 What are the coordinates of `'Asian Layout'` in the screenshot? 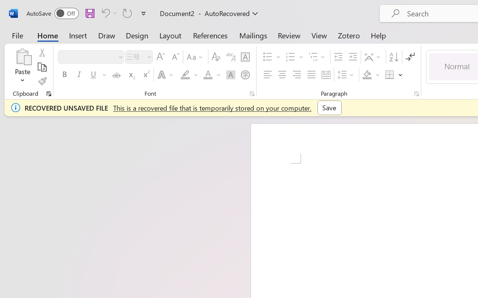 It's located at (373, 57).